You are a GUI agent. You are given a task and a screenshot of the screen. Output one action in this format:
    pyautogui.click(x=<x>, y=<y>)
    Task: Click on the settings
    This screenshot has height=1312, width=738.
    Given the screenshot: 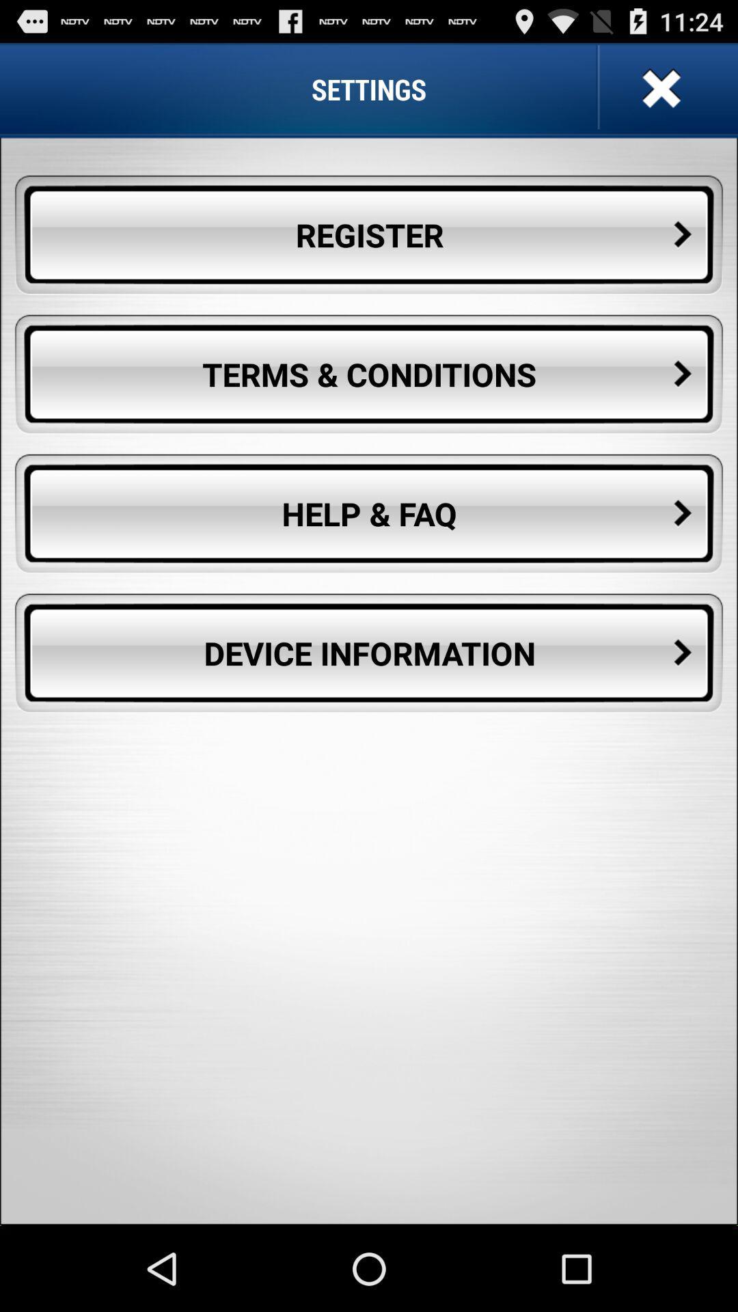 What is the action you would take?
    pyautogui.click(x=659, y=88)
    